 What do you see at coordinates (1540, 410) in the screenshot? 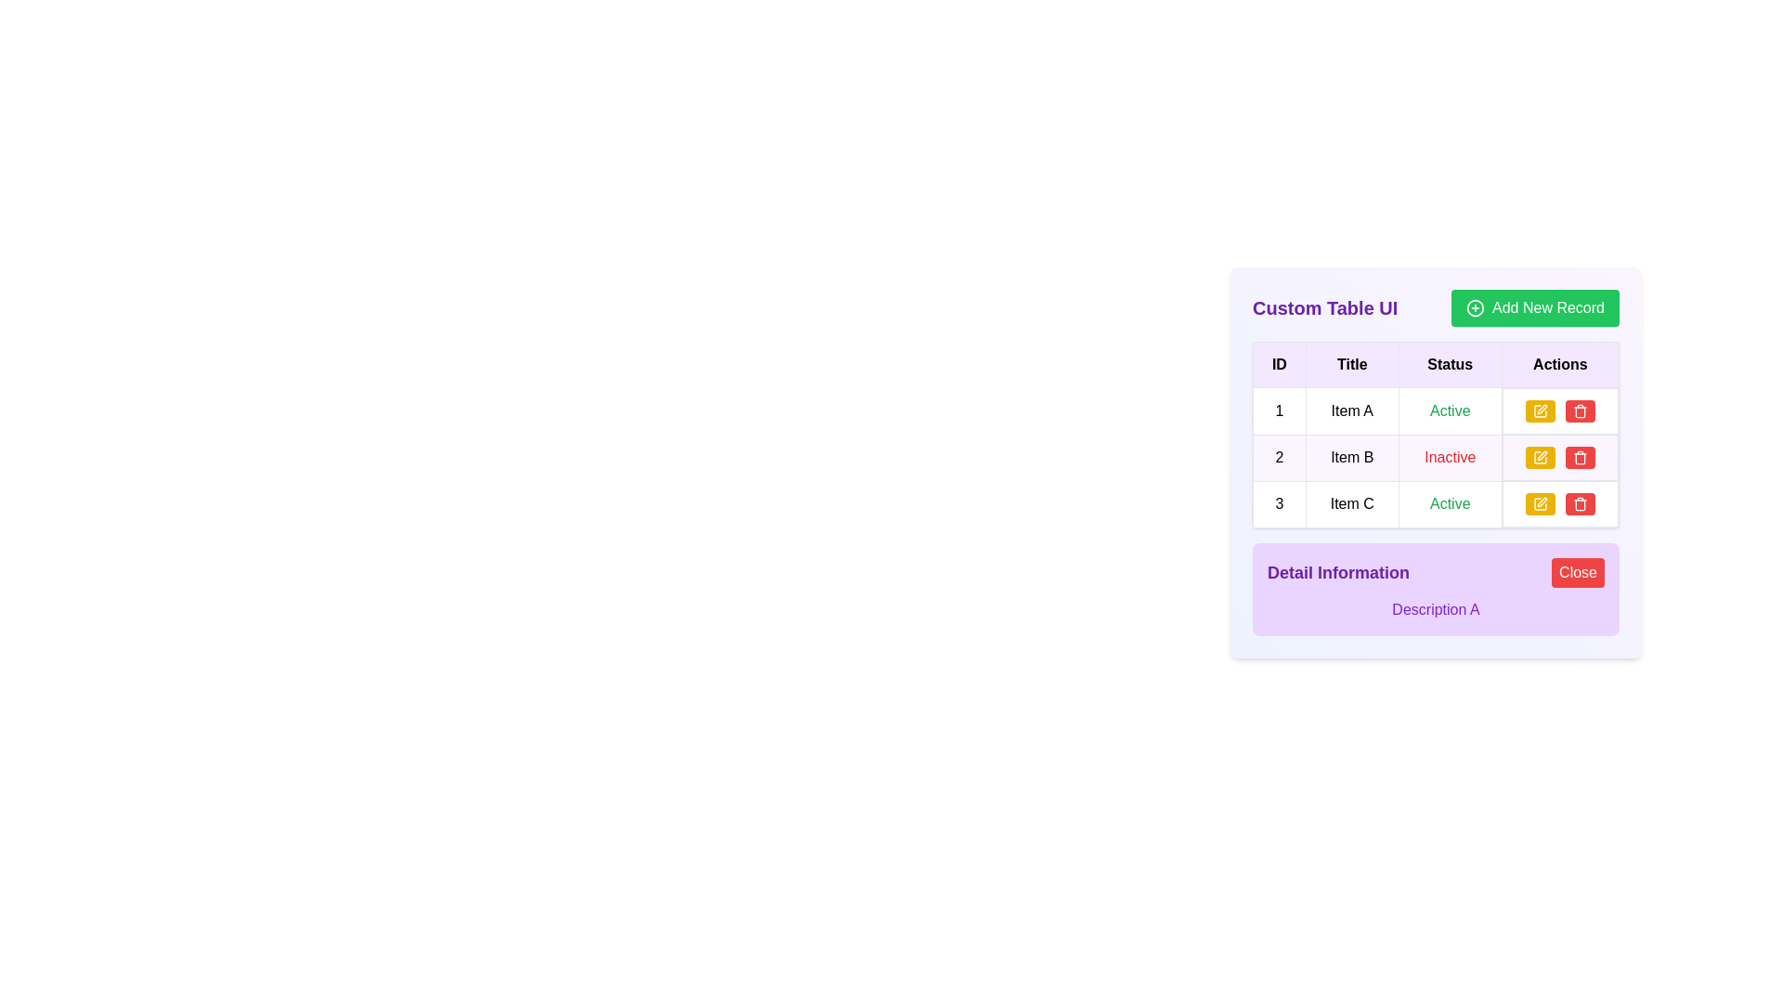
I see `the yellow rectangular button with a pen icon located in the 'Actions' column of the first row in the 'Custom Table UI'` at bounding box center [1540, 410].